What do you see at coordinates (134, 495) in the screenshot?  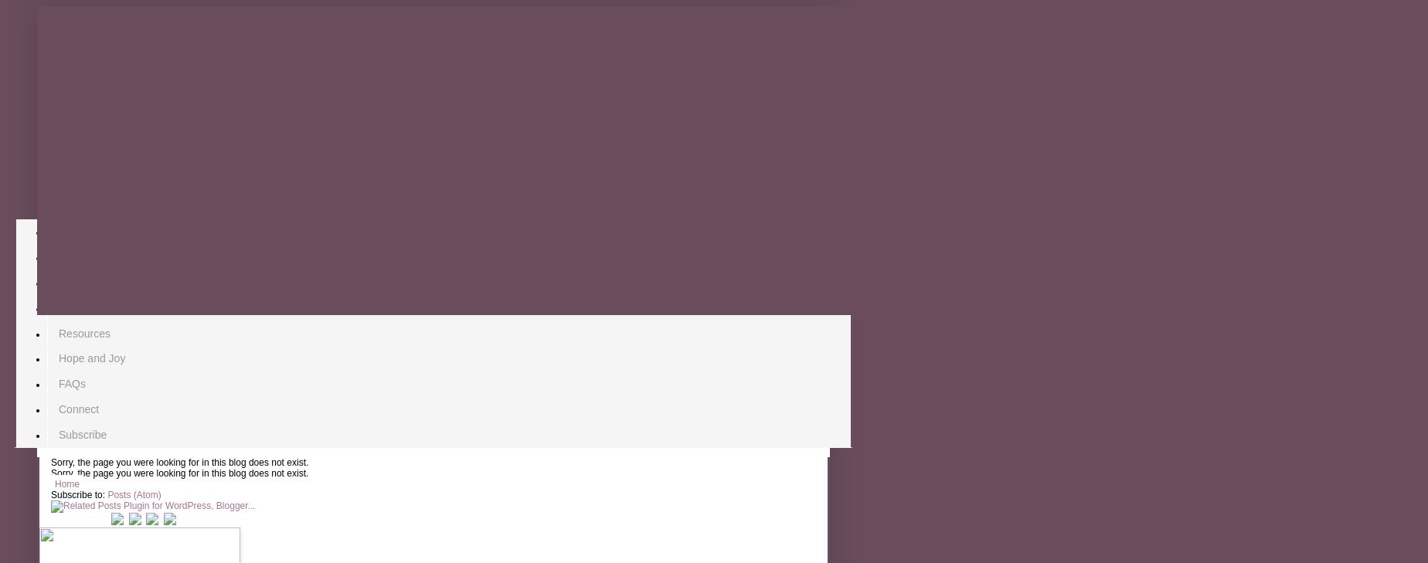 I see `'Posts (Atom)'` at bounding box center [134, 495].